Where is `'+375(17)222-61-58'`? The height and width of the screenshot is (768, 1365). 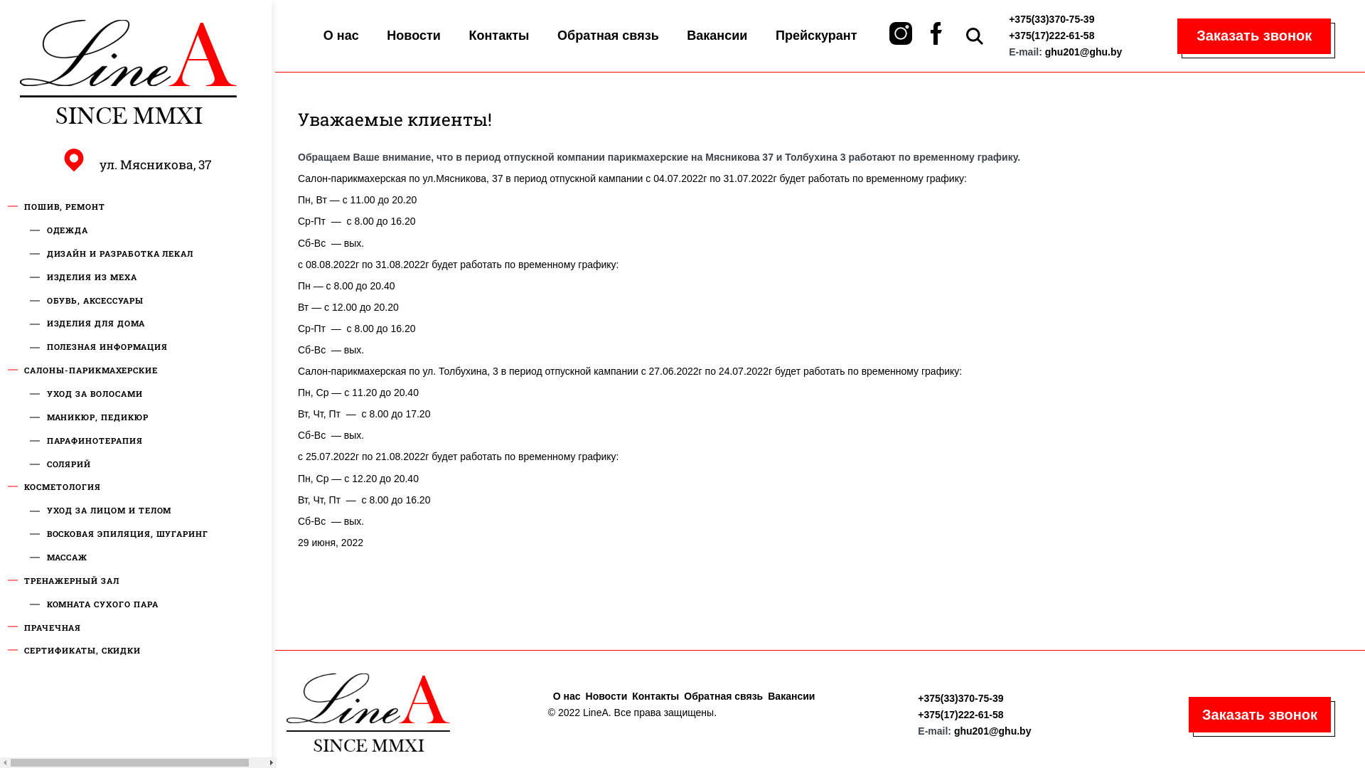
'+375(17)222-61-58' is located at coordinates (960, 715).